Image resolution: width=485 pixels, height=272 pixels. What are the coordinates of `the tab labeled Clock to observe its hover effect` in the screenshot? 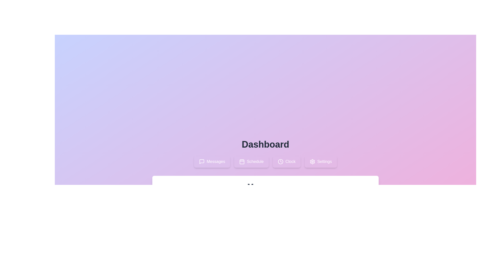 It's located at (286, 161).